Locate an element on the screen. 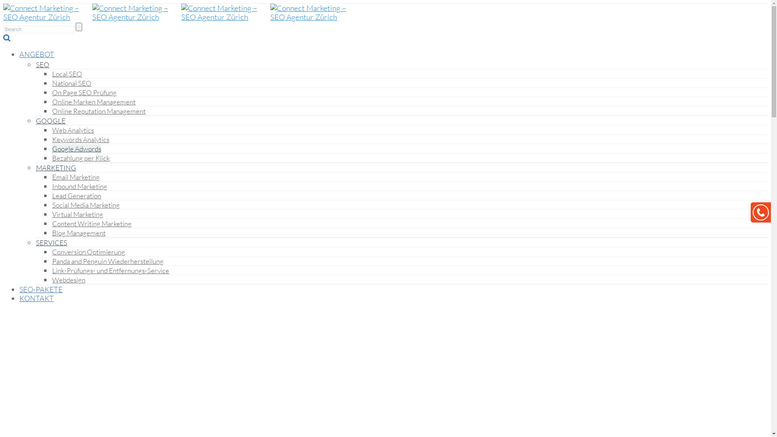  'SERVICES' is located at coordinates (51, 242).